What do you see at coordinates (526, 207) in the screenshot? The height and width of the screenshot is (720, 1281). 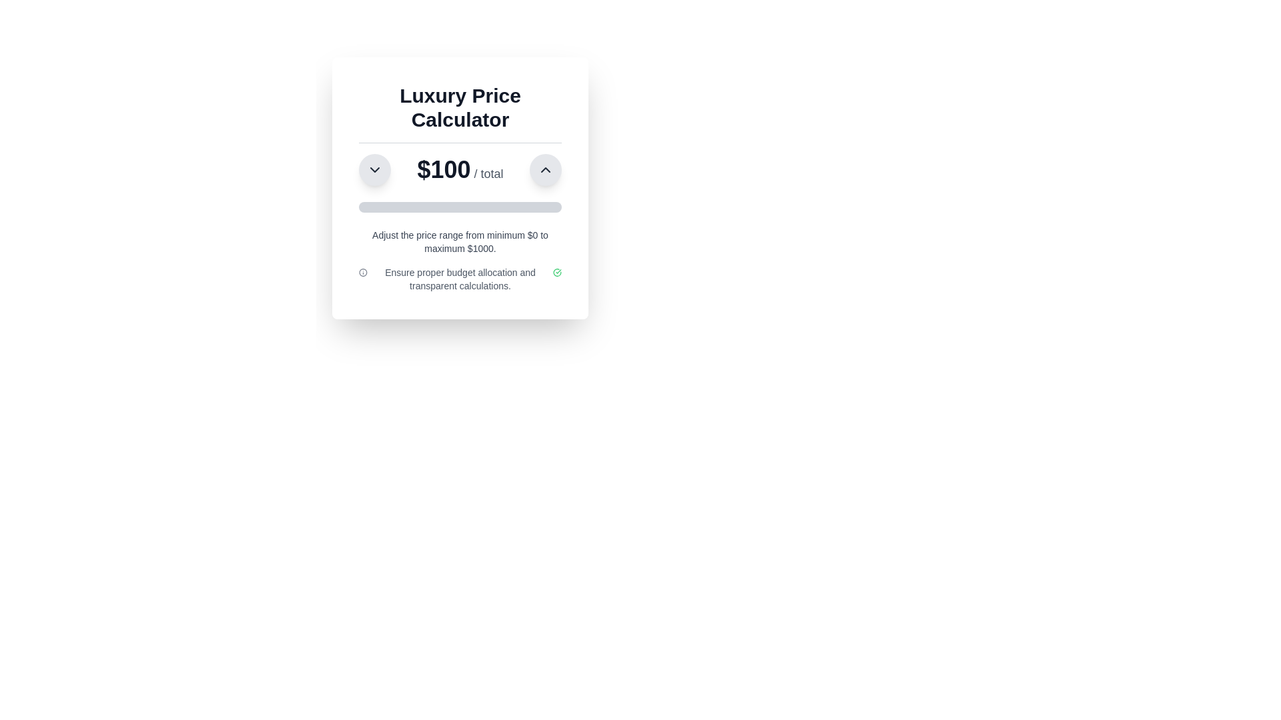 I see `the price range` at bounding box center [526, 207].